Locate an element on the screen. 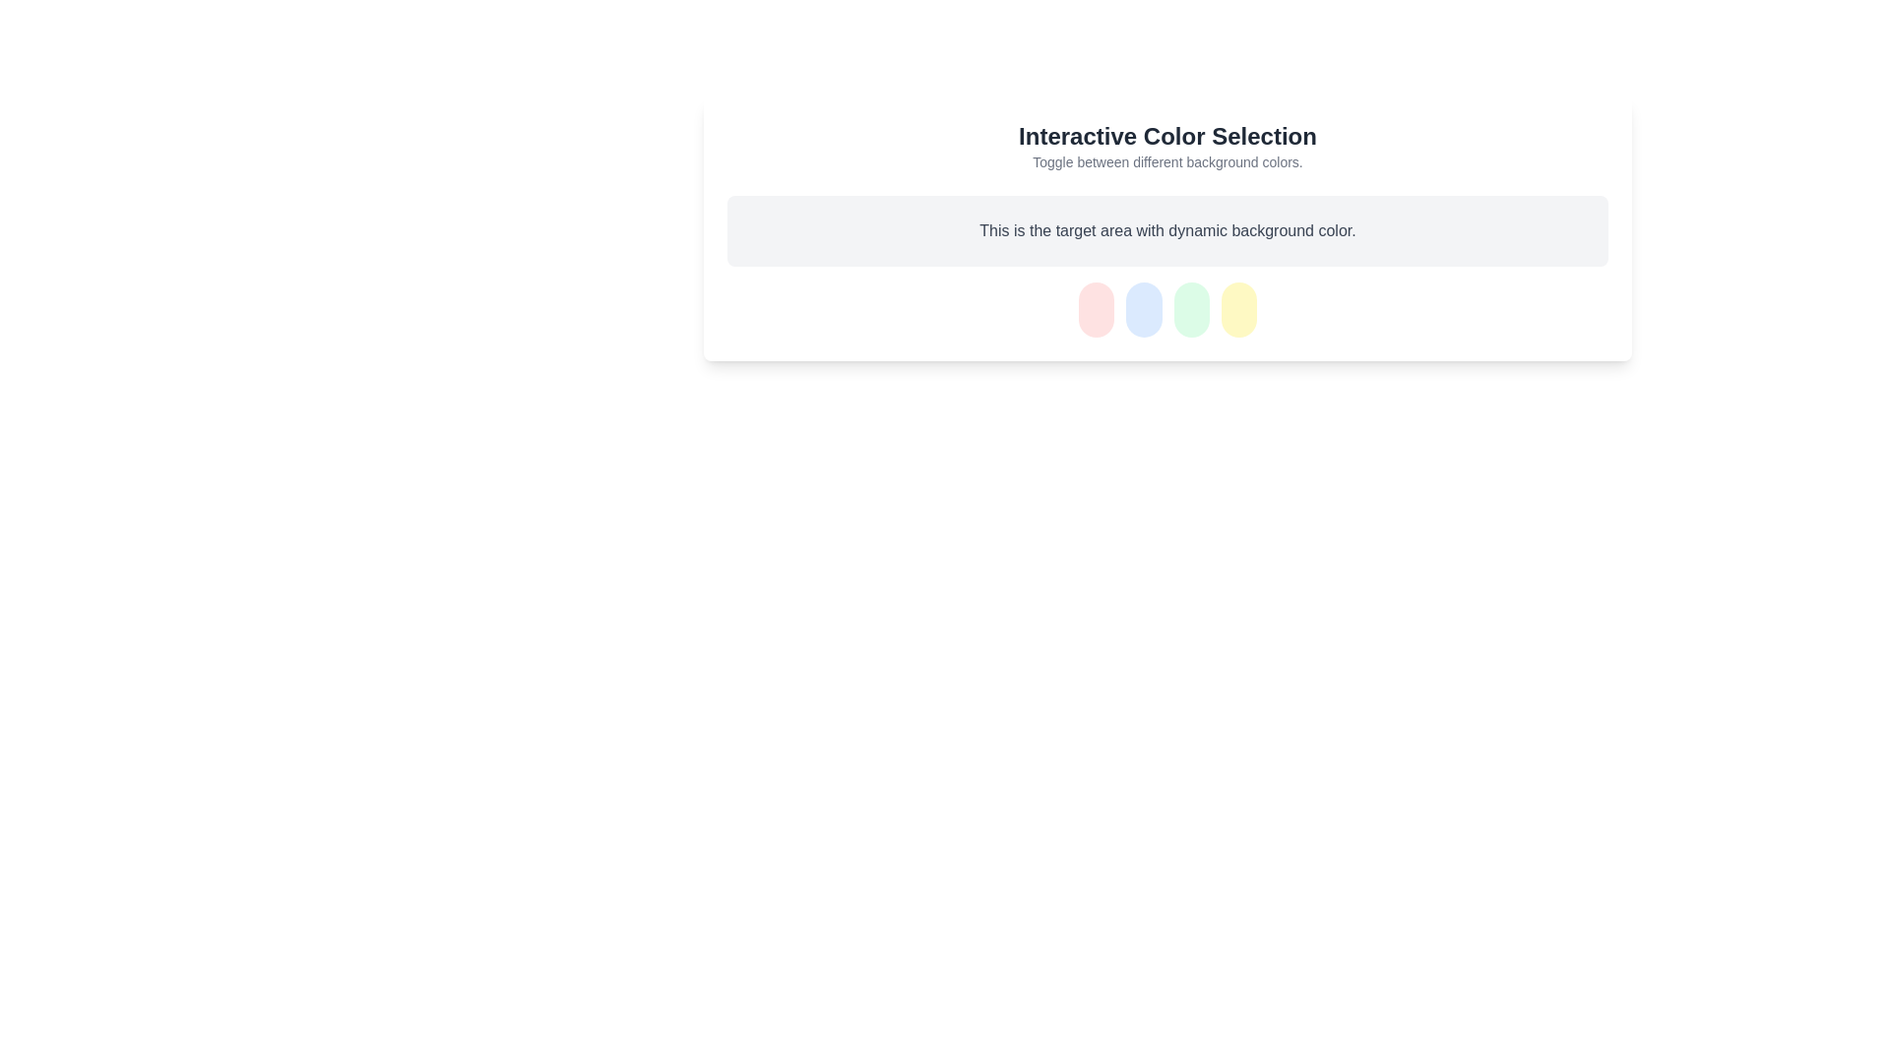 The image size is (1890, 1063). the text-based informational section titled 'Interactive Color Selection' to provide context for the user is located at coordinates (1167, 146).